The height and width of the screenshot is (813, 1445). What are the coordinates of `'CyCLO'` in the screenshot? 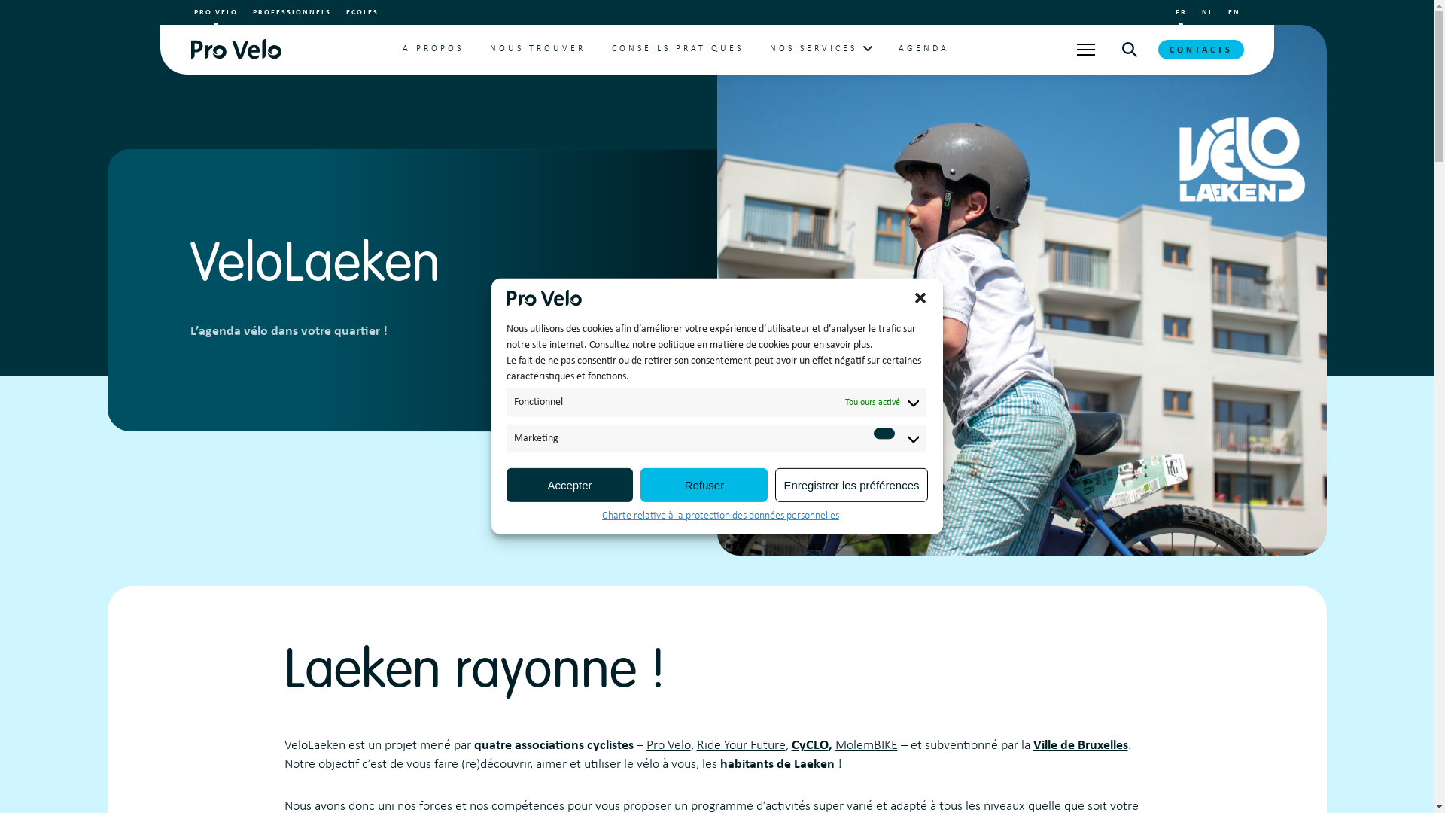 It's located at (790, 745).